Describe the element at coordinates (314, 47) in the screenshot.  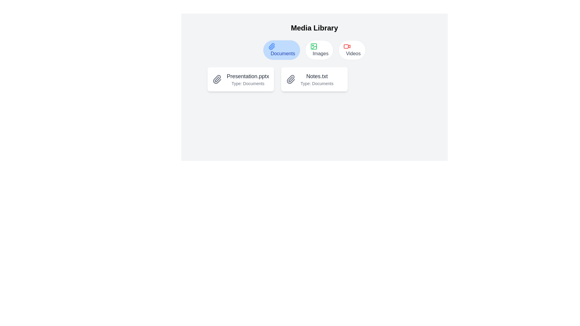
I see `the stylized icon resembling a mountain and sun, which is part of the 'Images' section in the Media Library panel` at that location.